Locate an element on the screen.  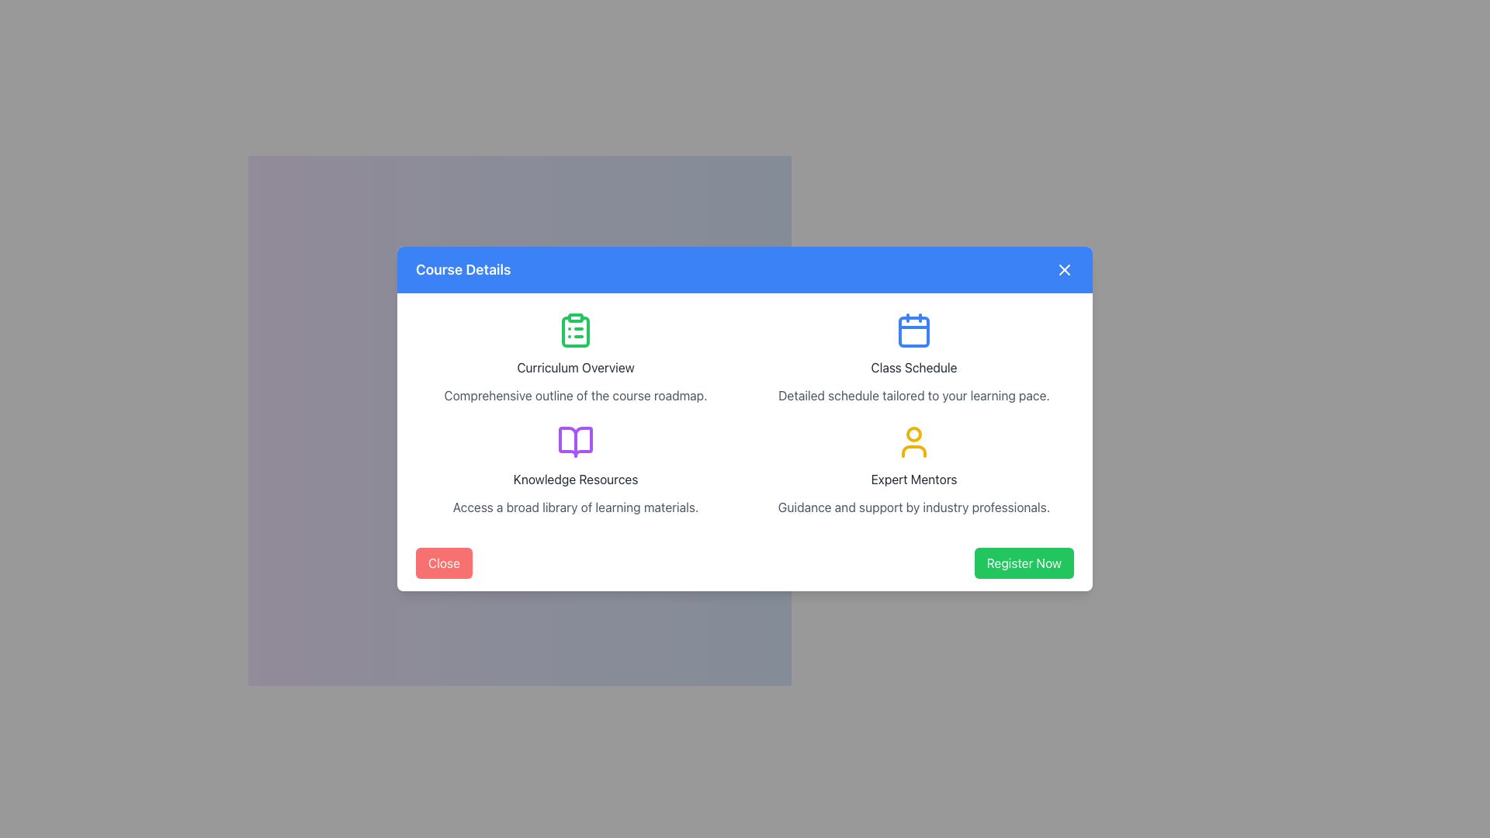
the descriptive text label providing context about the 'Expert Mentors' feature, which is located below another text element labeled 'Expert Mentors' in the lower right portion of the card is located at coordinates (913, 507).